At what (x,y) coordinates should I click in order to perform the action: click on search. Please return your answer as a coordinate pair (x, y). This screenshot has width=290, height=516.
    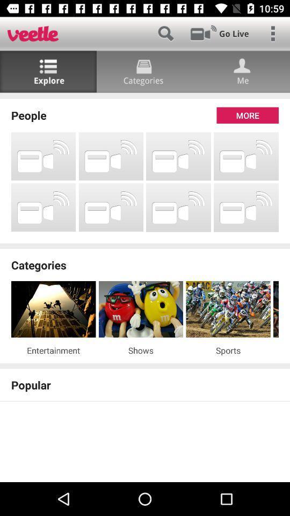
    Looking at the image, I should click on (165, 33).